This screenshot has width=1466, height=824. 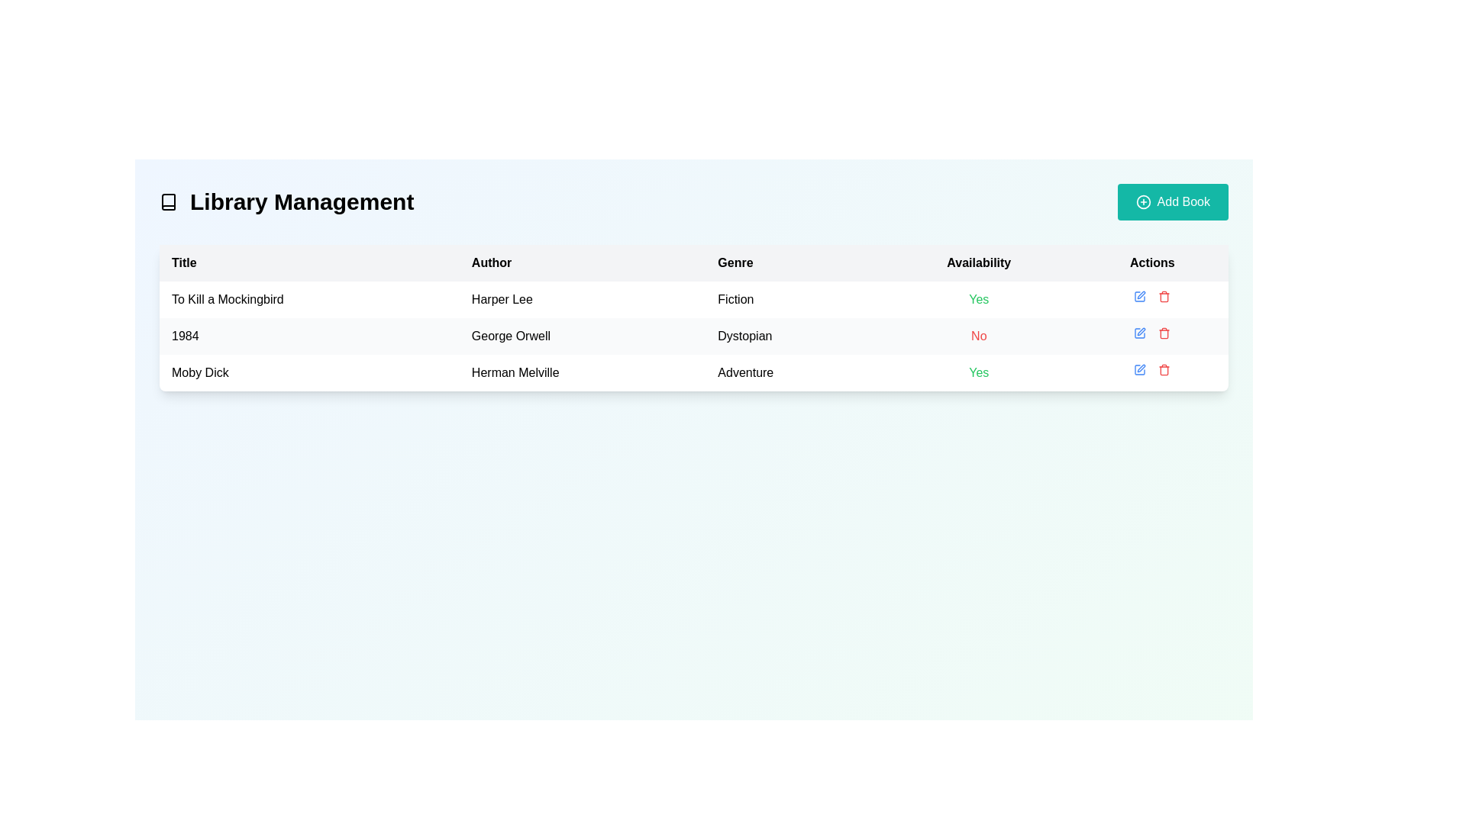 I want to click on the 'Add Book' button with a teal background and rounded corners, located to the right of the 'Library Management' title, so click(x=1172, y=201).